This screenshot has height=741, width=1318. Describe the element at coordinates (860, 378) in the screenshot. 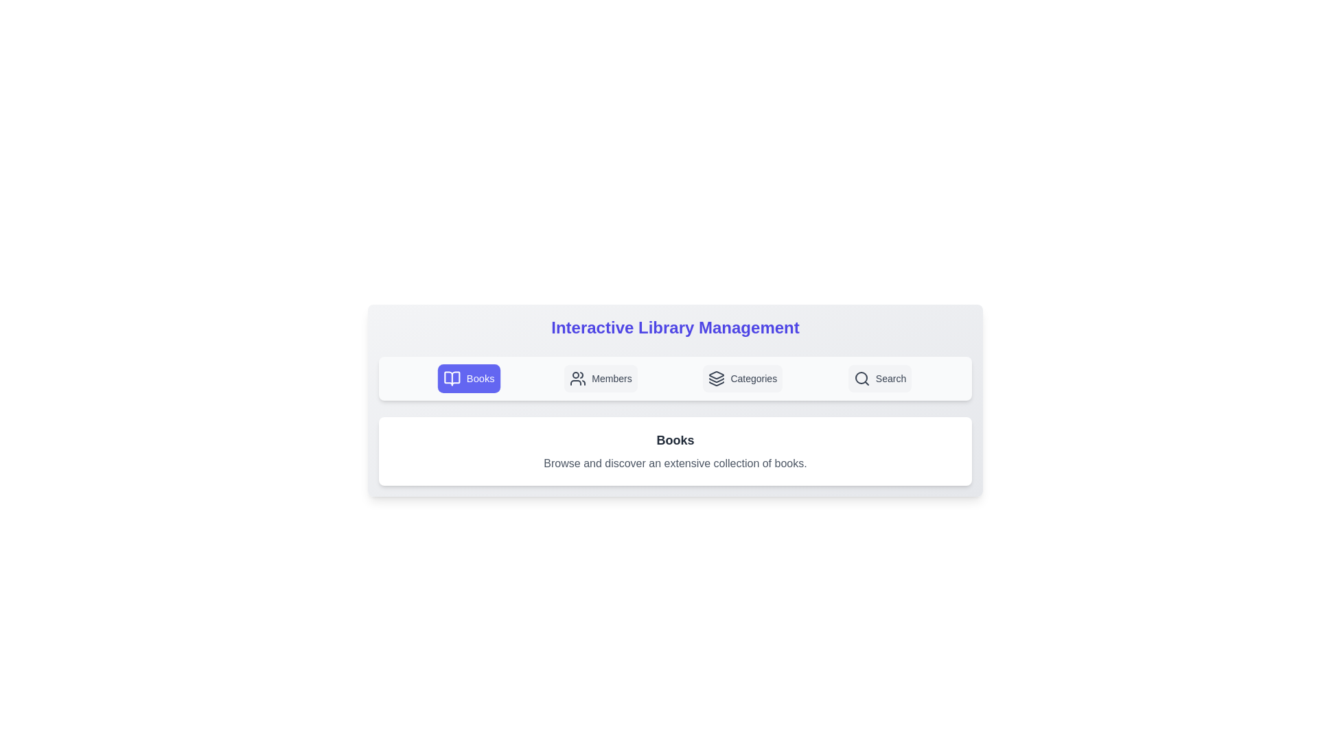

I see `the Circular SVG component representing the lens of the magnifying glass icon in the 'Search' button located in the horizontal navigation bar` at that location.